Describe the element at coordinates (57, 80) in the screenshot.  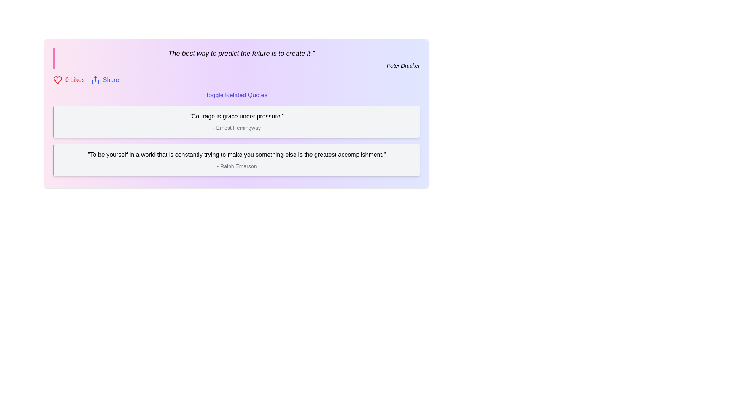
I see `the heart icon, which symbolizes the ability to like or favorite the represented content, located to the left of the '0 Likes' text` at that location.